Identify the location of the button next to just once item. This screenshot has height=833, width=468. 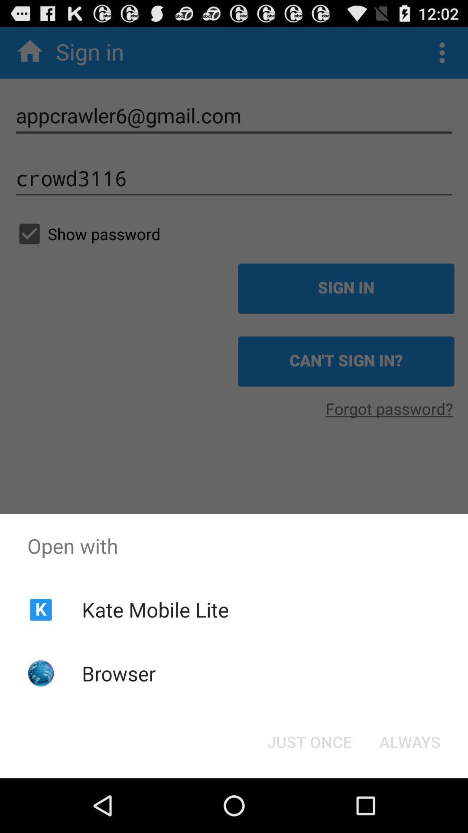
(409, 741).